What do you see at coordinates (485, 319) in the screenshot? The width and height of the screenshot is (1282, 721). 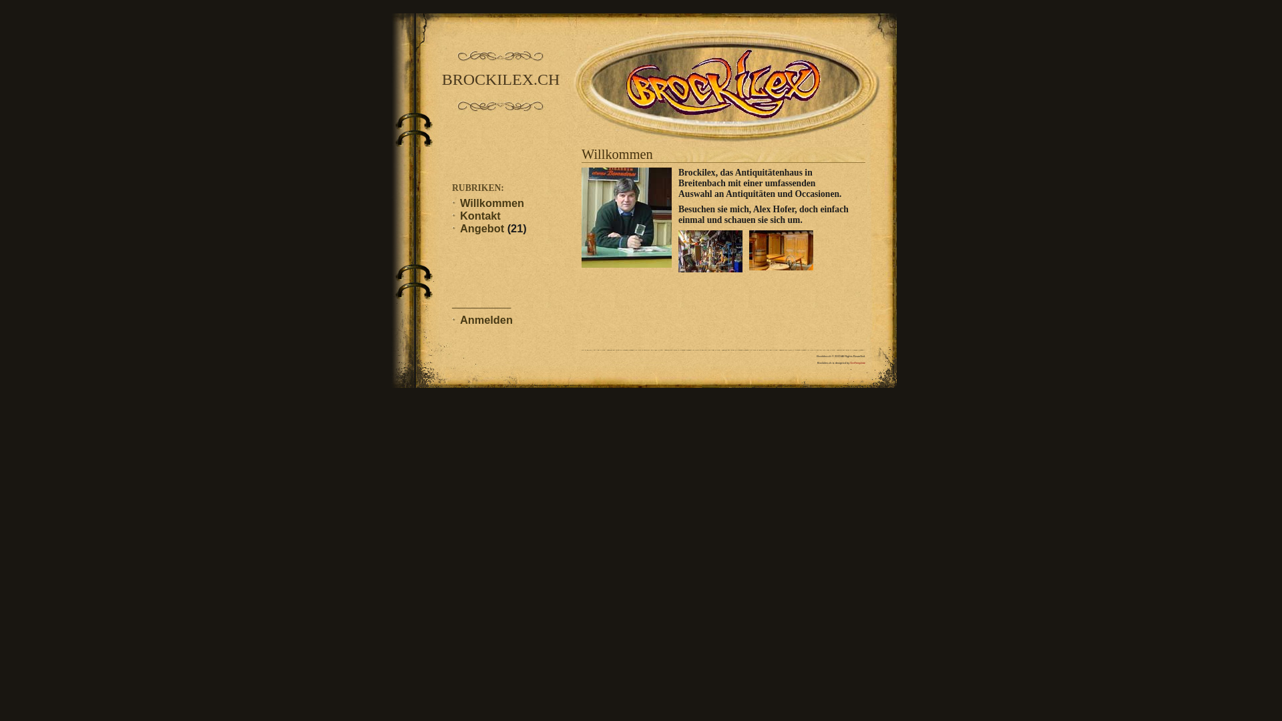 I see `'Anmelden'` at bounding box center [485, 319].